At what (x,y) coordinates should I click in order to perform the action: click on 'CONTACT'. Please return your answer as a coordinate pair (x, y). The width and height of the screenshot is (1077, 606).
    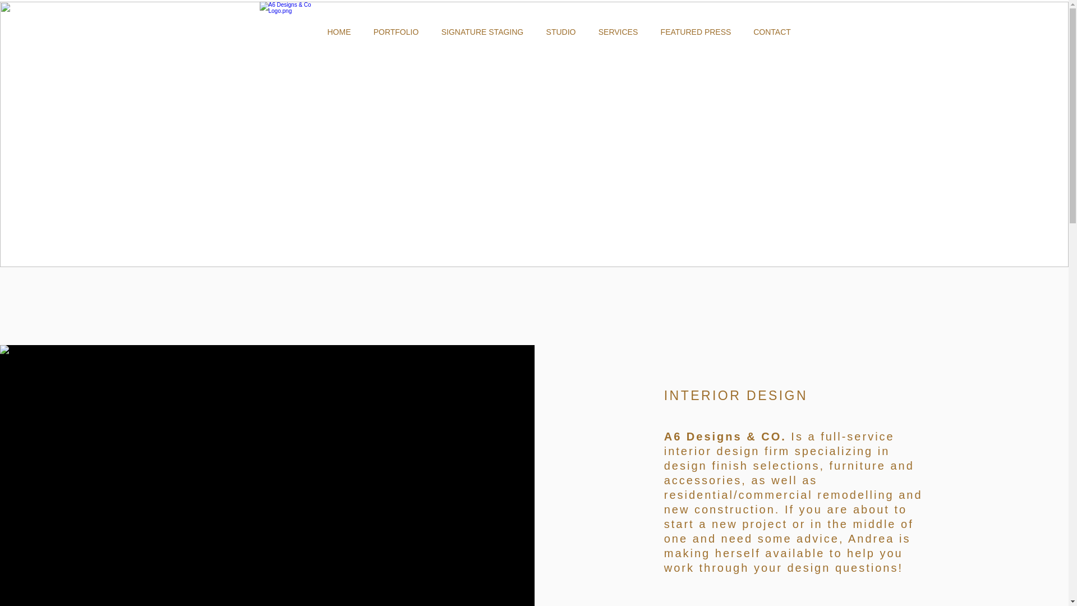
    Looking at the image, I should click on (772, 31).